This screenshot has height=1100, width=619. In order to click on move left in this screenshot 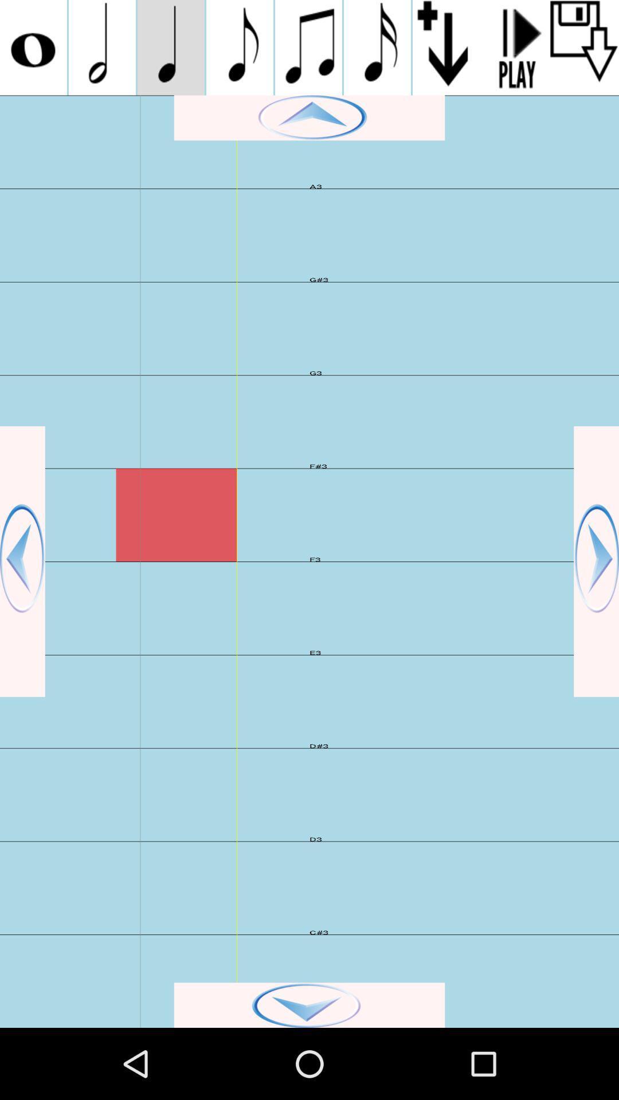, I will do `click(22, 561)`.